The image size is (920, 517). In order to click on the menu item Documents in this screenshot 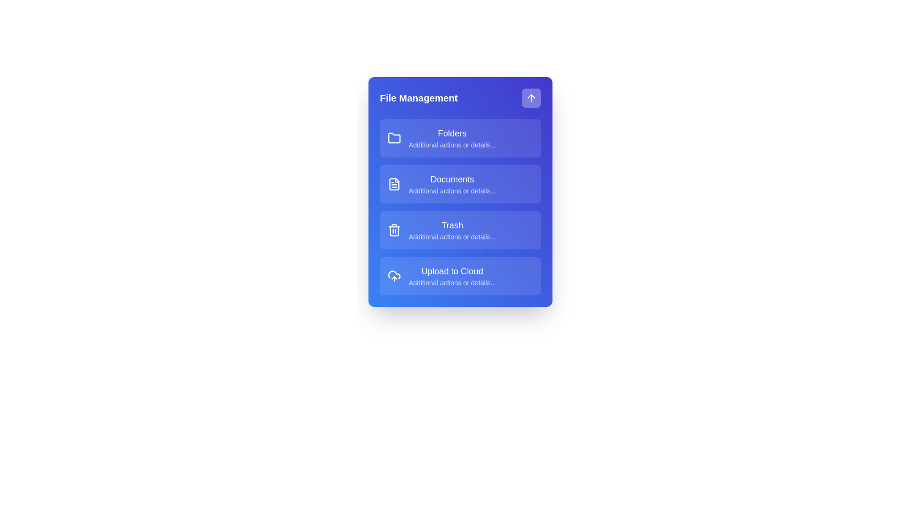, I will do `click(460, 184)`.